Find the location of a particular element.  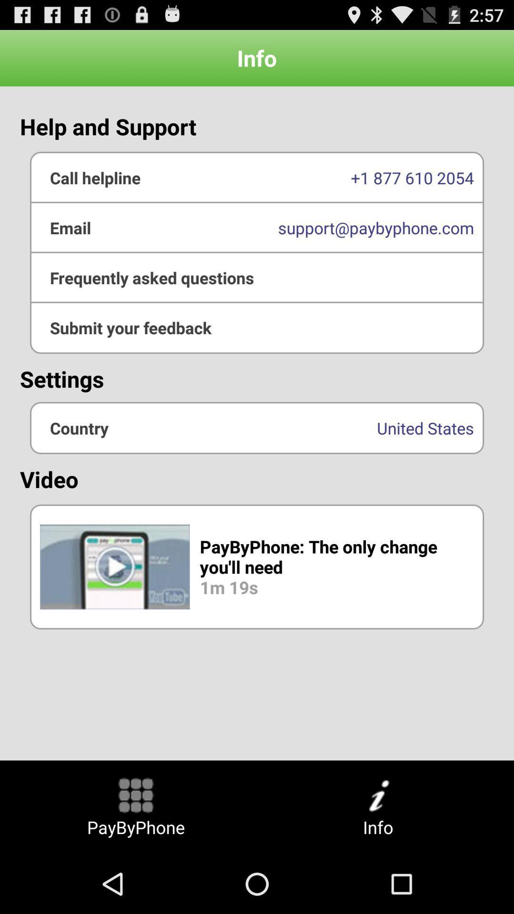

icon below the support@paybyphone.com item is located at coordinates (257, 328).